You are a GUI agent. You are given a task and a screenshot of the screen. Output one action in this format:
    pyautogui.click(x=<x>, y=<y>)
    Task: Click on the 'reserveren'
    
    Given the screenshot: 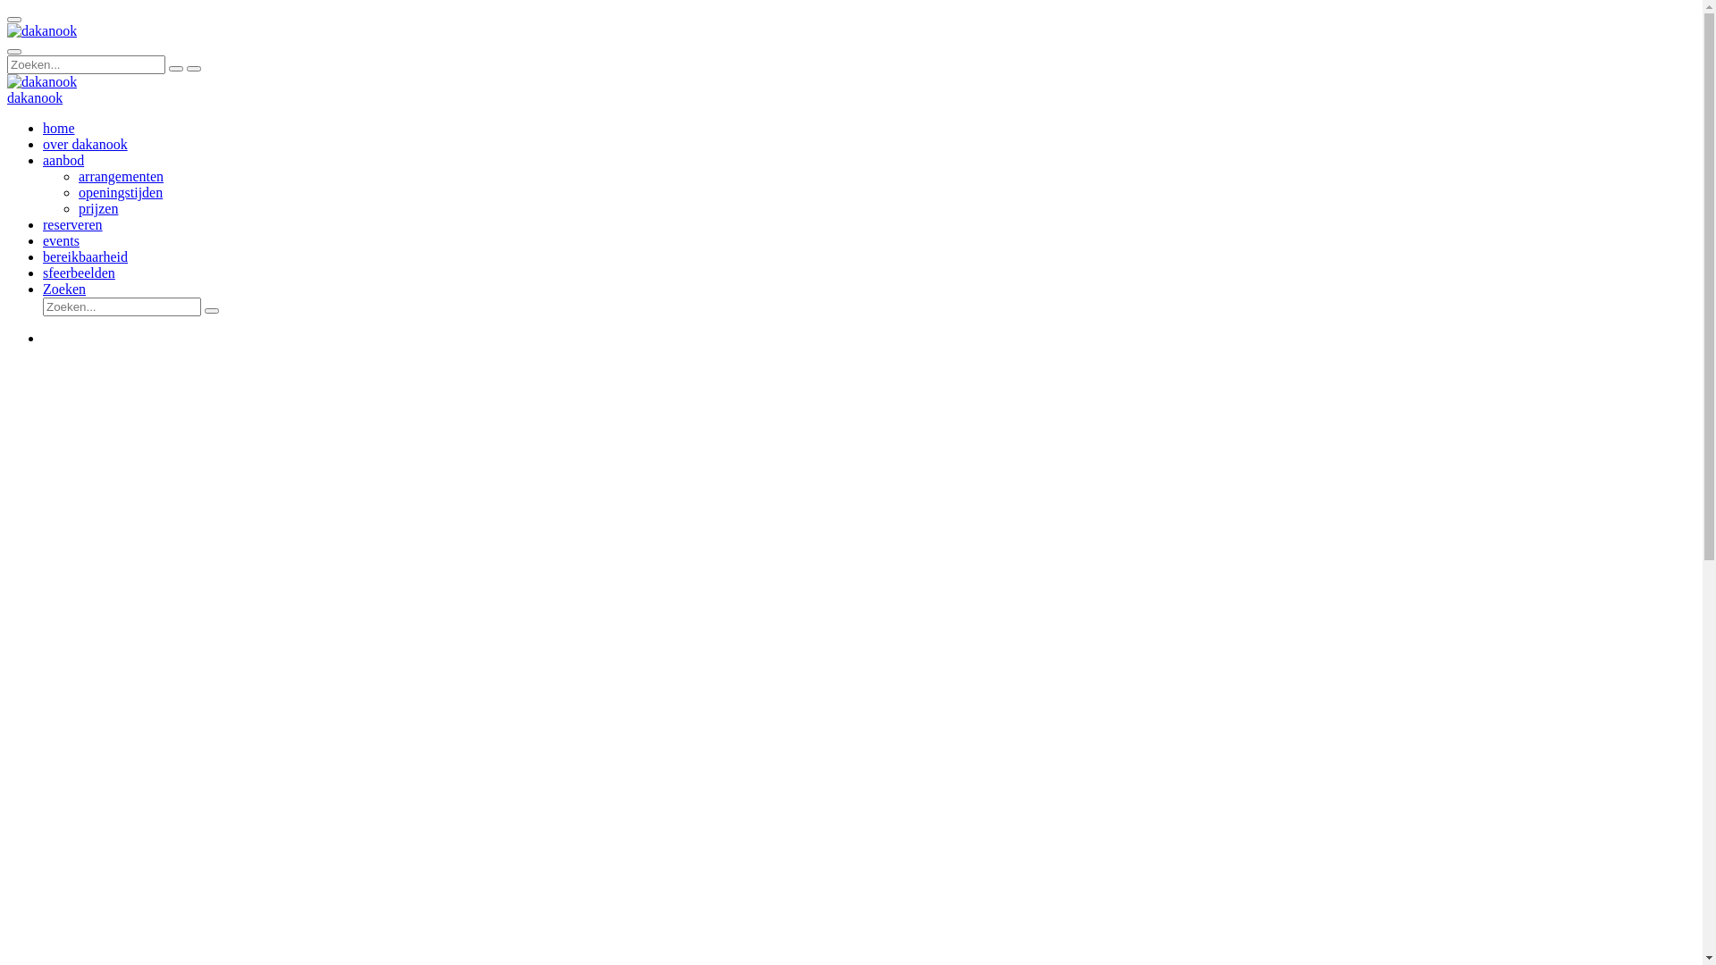 What is the action you would take?
    pyautogui.click(x=71, y=223)
    